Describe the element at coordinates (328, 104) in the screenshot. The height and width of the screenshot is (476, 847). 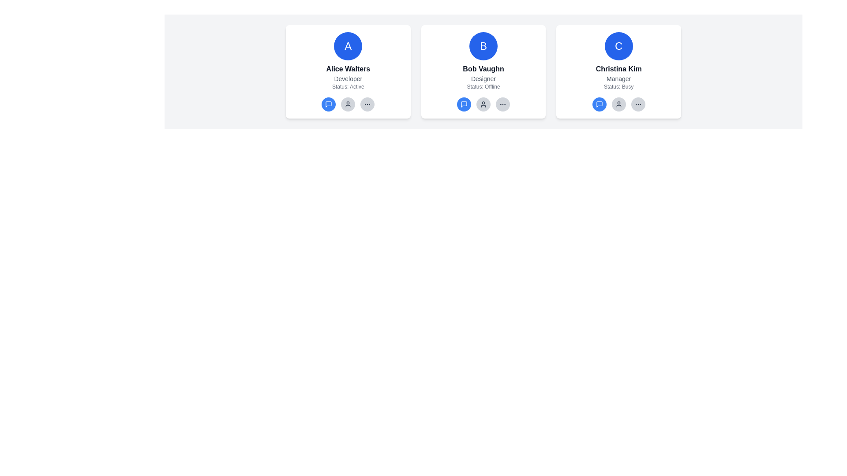
I see `the icon button located in the lower-left corner of Alice Walters' user card` at that location.